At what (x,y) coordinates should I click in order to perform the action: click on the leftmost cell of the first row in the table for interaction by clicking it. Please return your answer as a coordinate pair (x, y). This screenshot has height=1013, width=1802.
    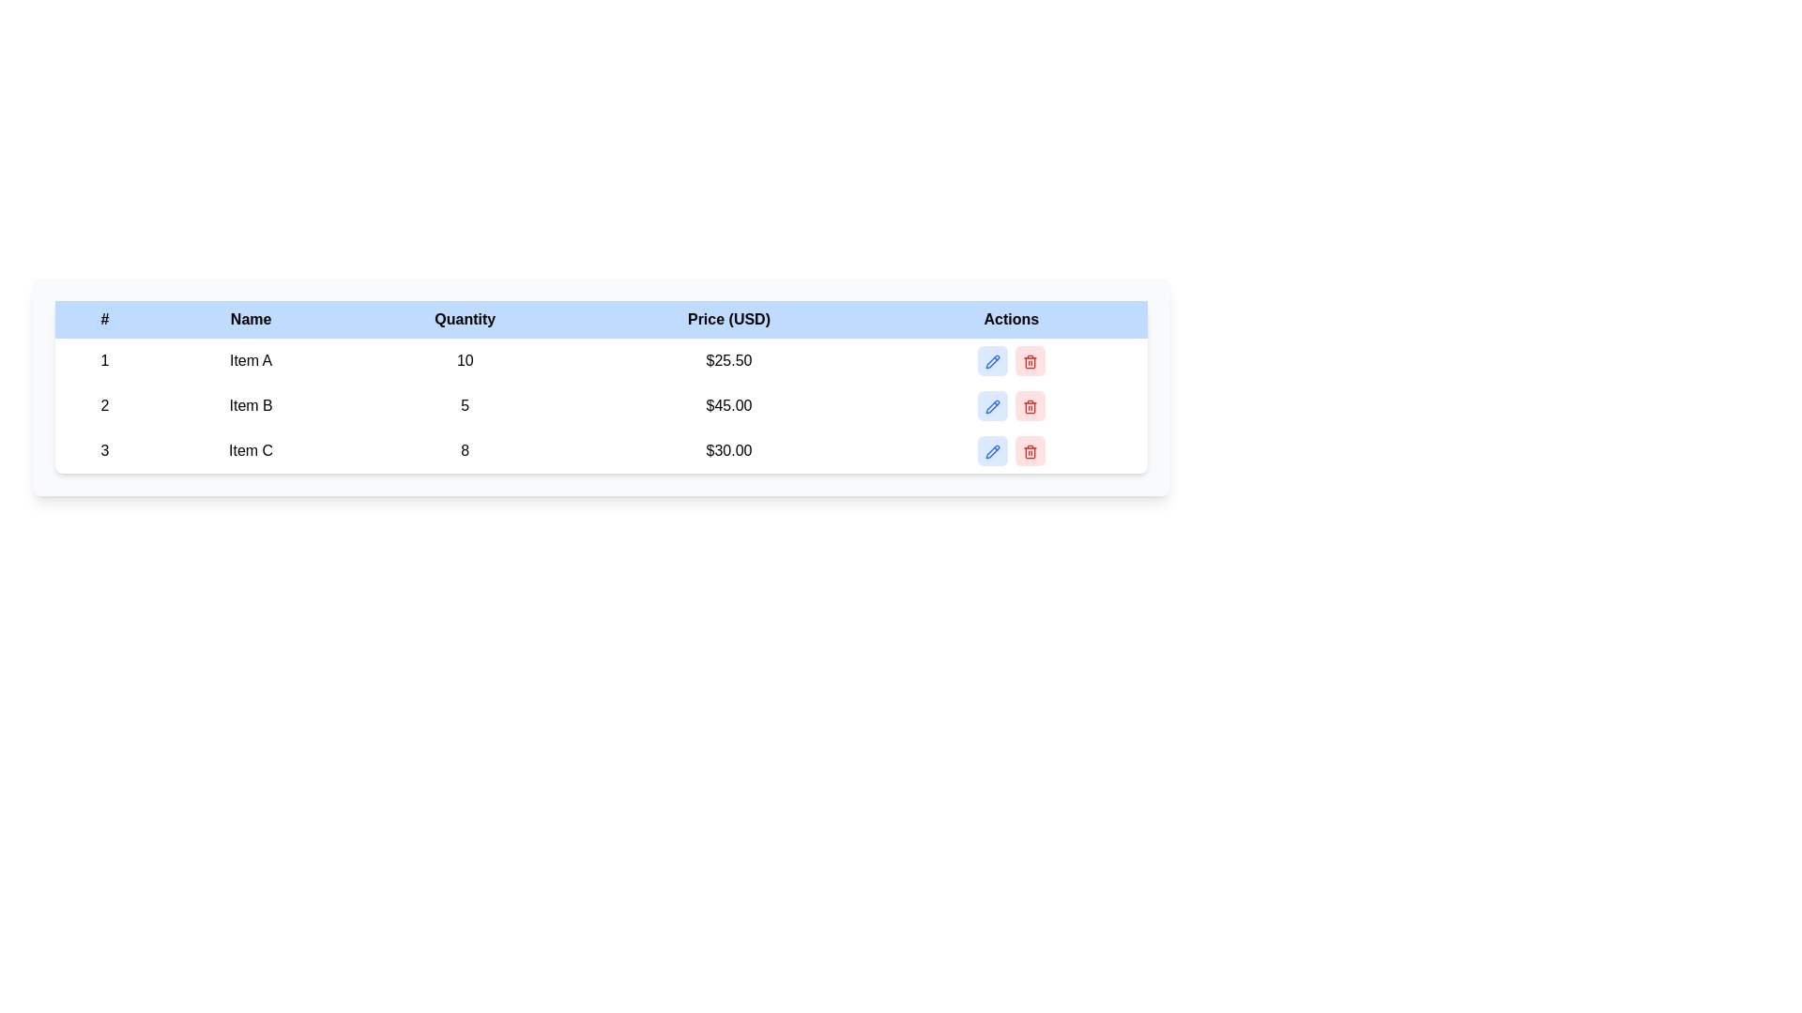
    Looking at the image, I should click on (103, 361).